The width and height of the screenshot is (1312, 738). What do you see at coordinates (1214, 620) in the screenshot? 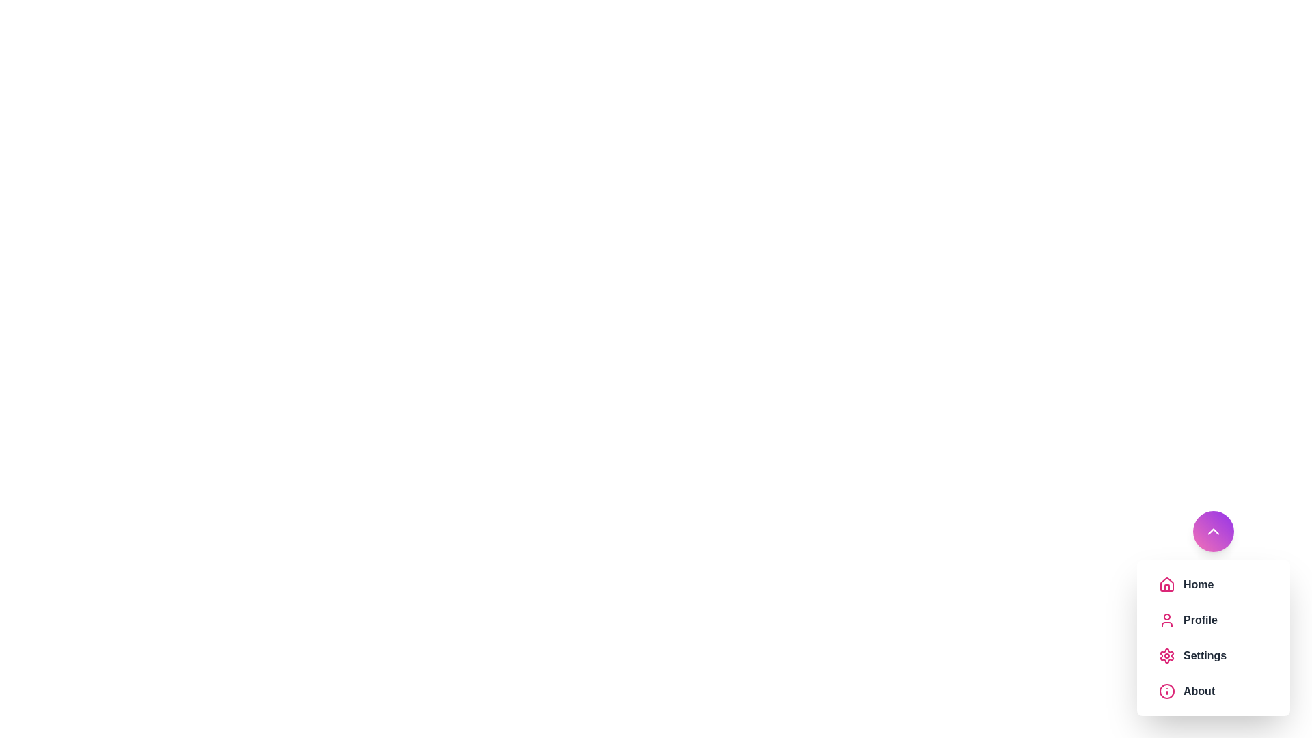
I see `the menu item labeled 'Profile' to observe the visual feedback` at bounding box center [1214, 620].